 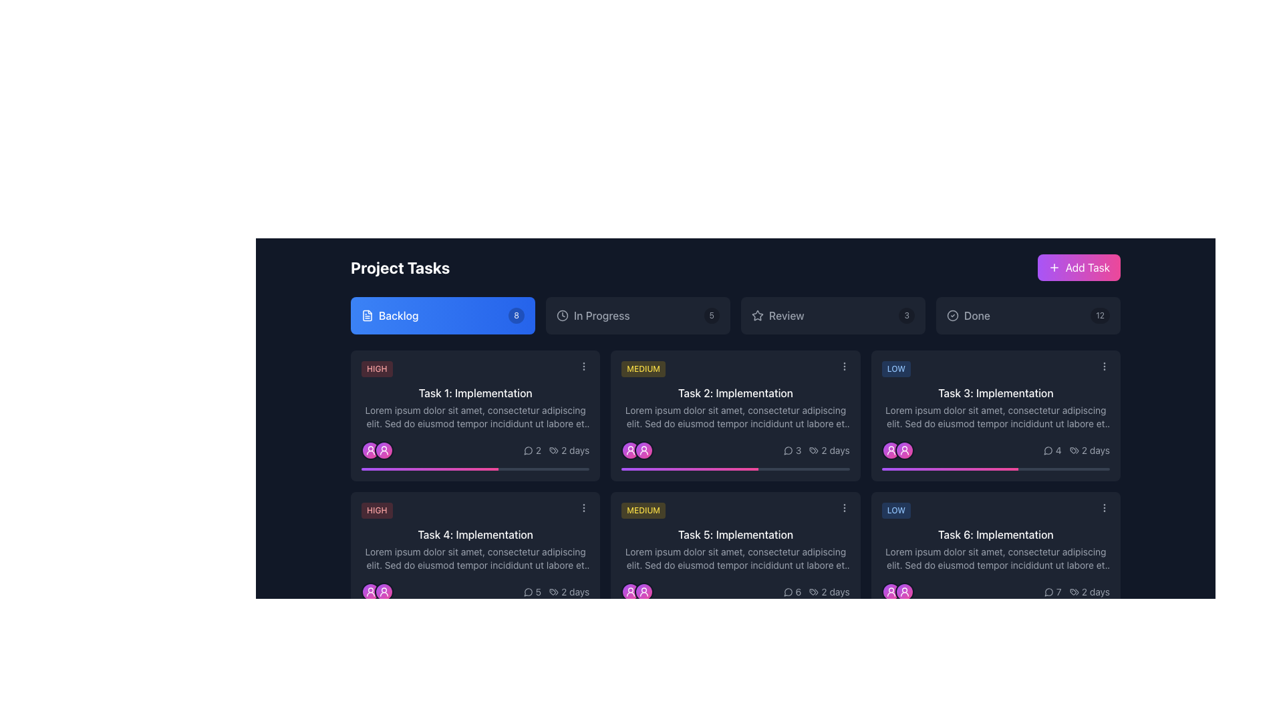 I want to click on information displayed in the text element showing '2 days' accompanied by a tag icon, located at the bottom-right of the second task card in the second column of the task board, so click(x=829, y=451).